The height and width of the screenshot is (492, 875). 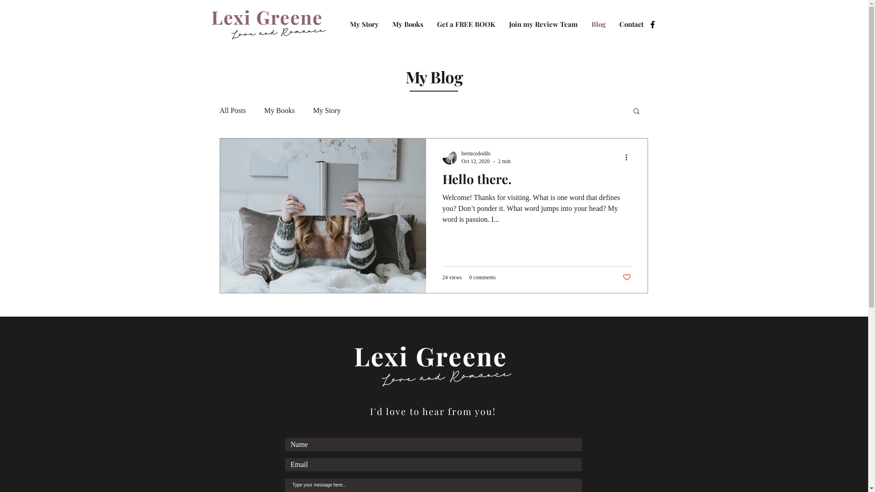 What do you see at coordinates (626, 277) in the screenshot?
I see `'Post not marked as liked'` at bounding box center [626, 277].